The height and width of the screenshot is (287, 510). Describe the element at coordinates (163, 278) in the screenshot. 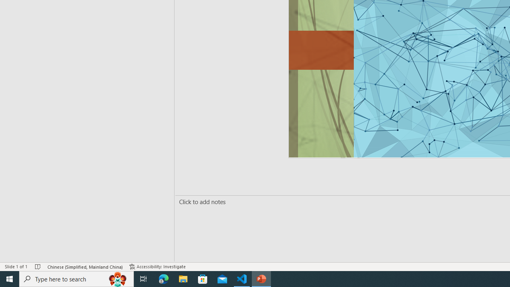

I see `'Microsoft Edge'` at that location.